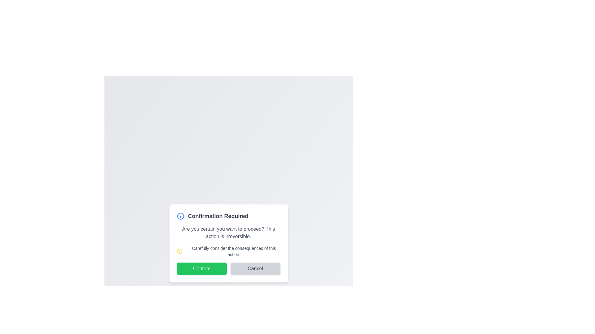 This screenshot has height=334, width=595. I want to click on the critical confirmation message static text located below the headline 'Confirmation Required' and above the message 'Carefully consider the consequences of this action.', so click(228, 233).